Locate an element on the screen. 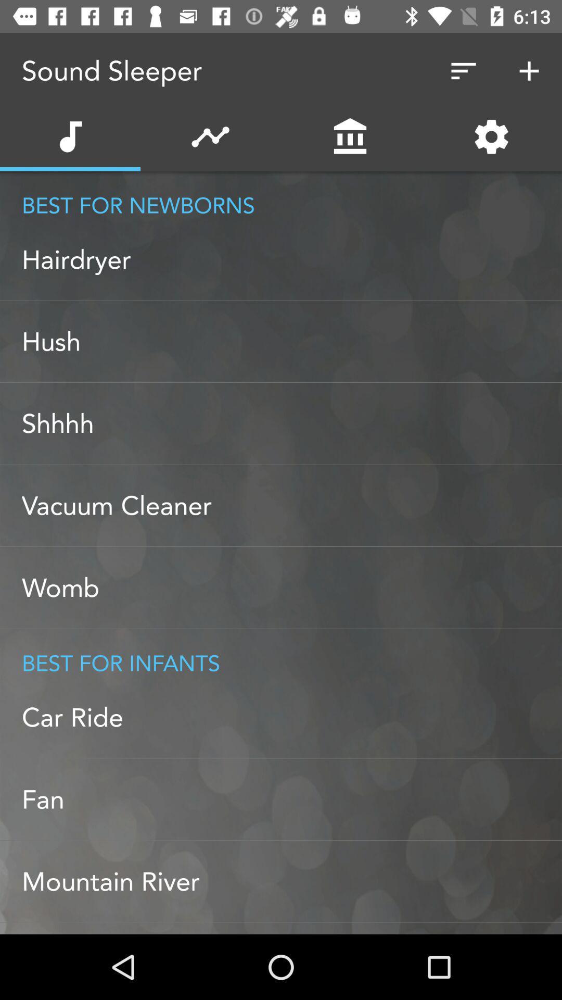 The image size is (562, 1000). the car ride item is located at coordinates (291, 717).